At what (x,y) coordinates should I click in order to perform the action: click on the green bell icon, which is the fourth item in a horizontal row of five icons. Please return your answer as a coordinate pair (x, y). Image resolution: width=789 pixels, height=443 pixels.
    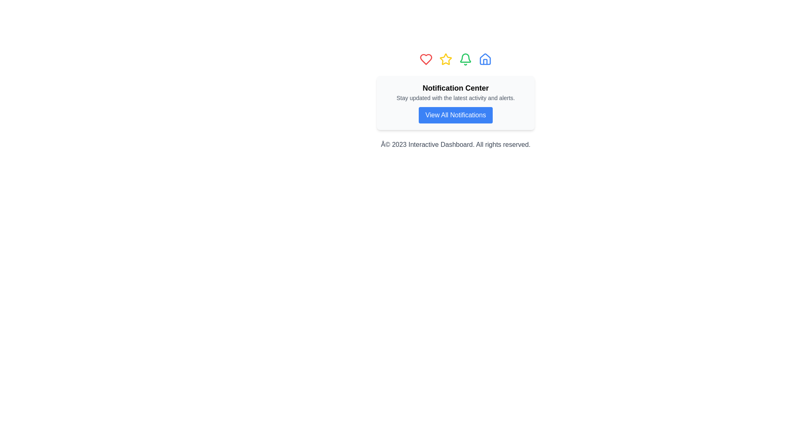
    Looking at the image, I should click on (465, 59).